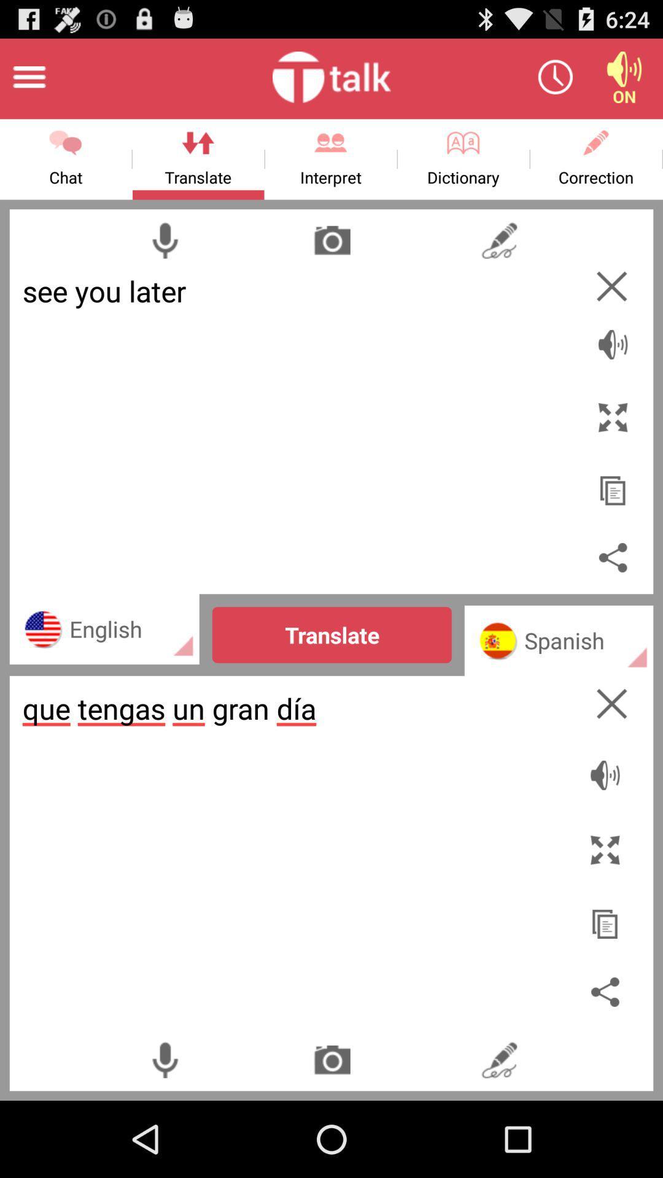 The width and height of the screenshot is (663, 1178). I want to click on activate dictation, so click(164, 1059).